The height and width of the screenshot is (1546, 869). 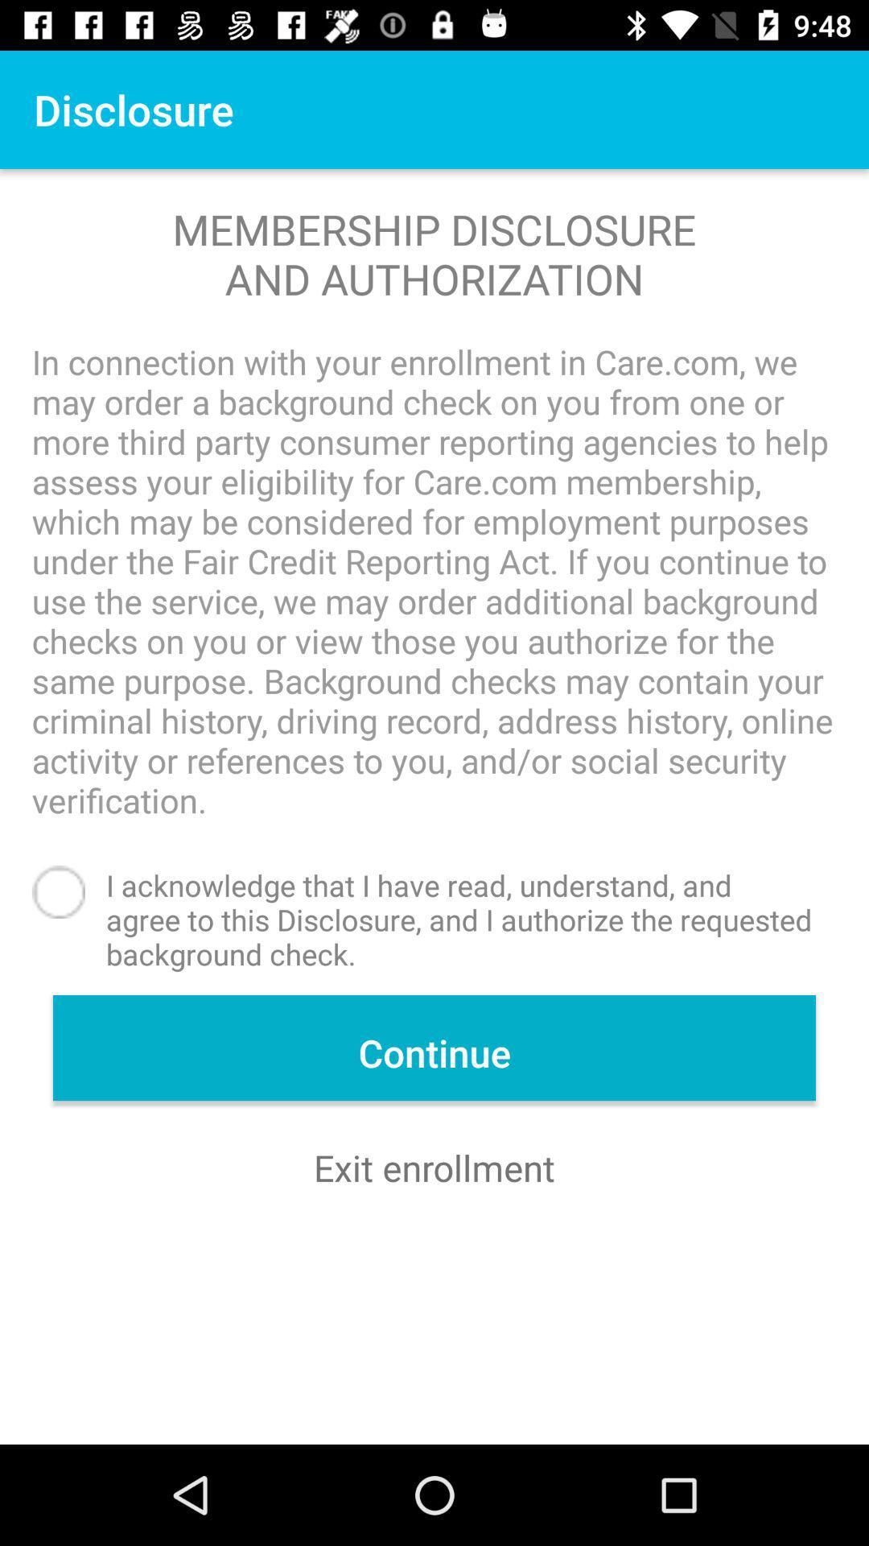 I want to click on continue, so click(x=434, y=1048).